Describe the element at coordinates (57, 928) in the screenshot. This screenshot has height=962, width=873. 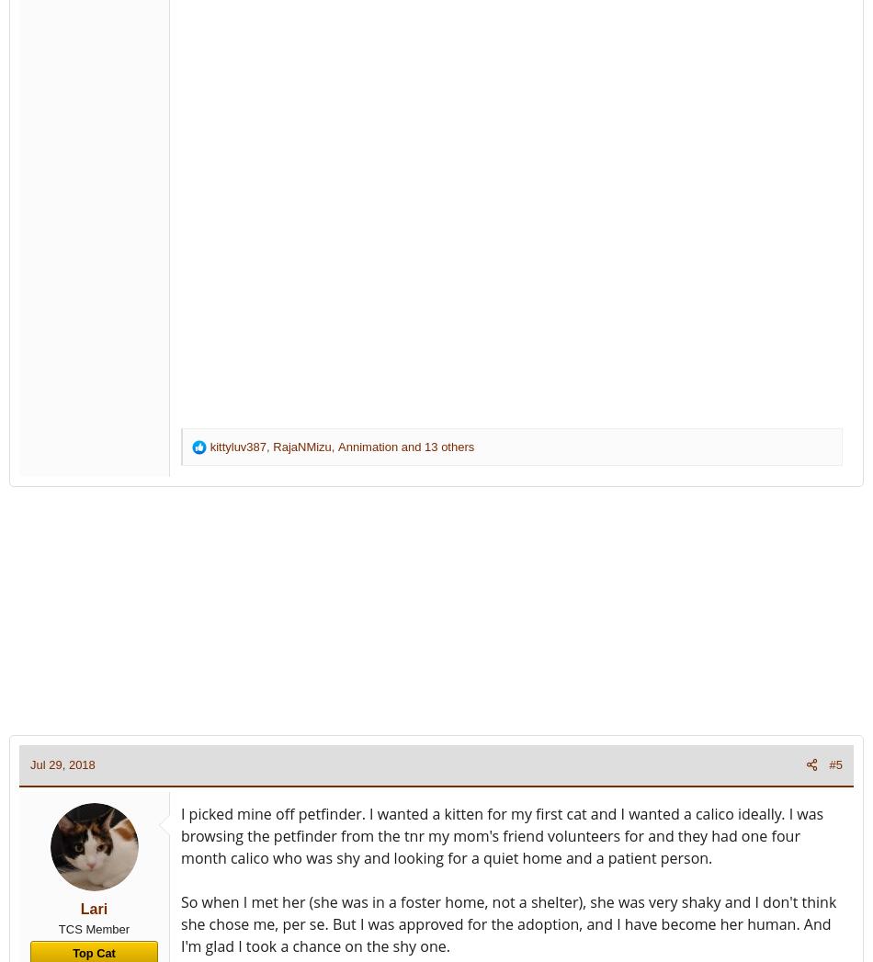
I see `'TCS Member'` at that location.